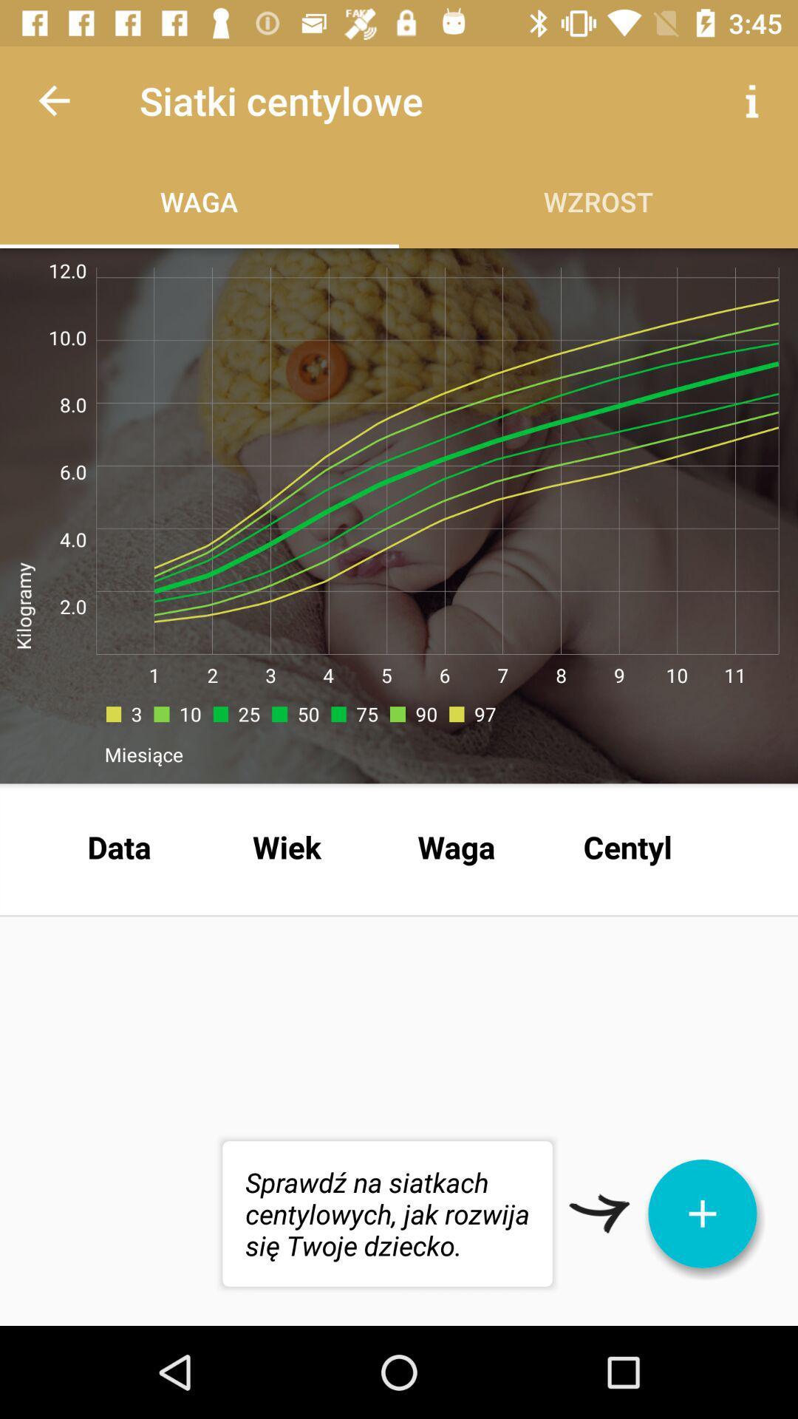 This screenshot has height=1419, width=798. Describe the element at coordinates (702, 1214) in the screenshot. I see `the icon below the centyl item` at that location.